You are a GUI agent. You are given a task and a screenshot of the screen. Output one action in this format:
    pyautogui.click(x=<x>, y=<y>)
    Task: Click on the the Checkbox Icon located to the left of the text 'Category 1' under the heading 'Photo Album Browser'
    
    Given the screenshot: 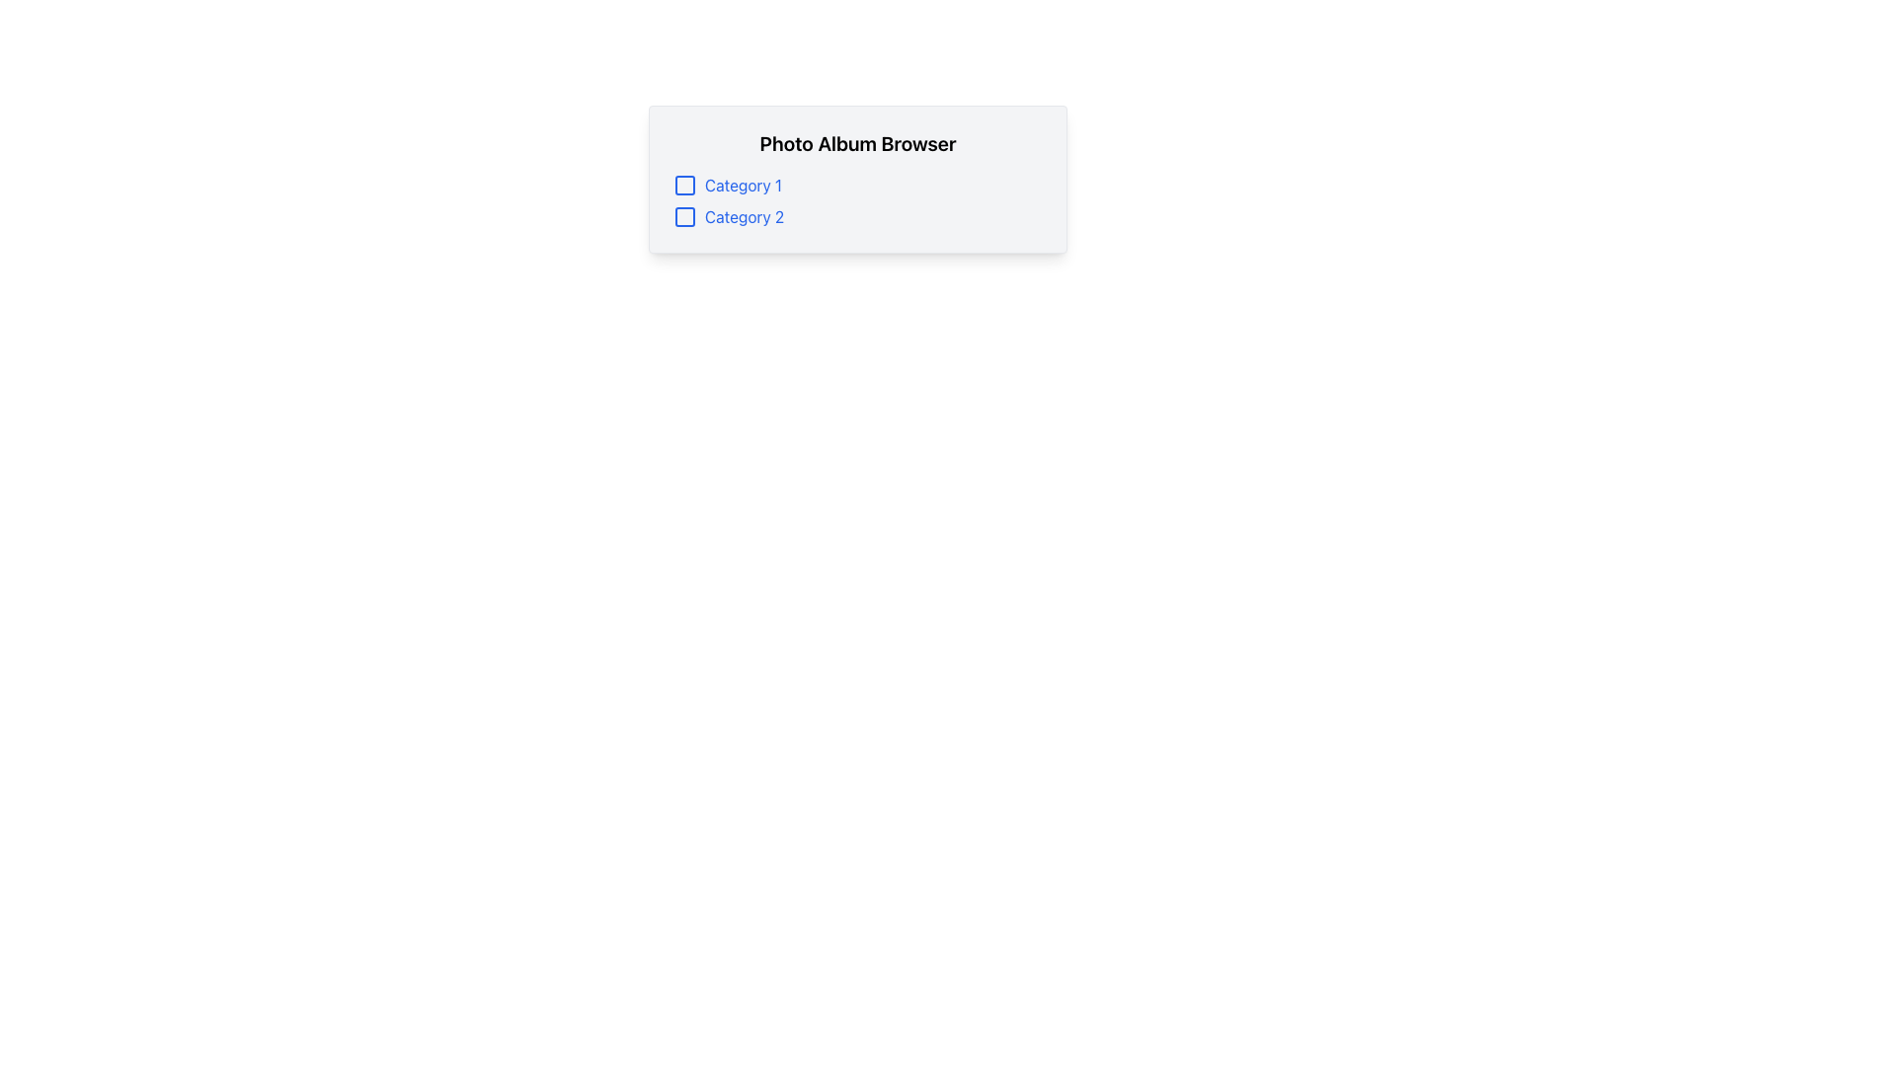 What is the action you would take?
    pyautogui.click(x=685, y=186)
    